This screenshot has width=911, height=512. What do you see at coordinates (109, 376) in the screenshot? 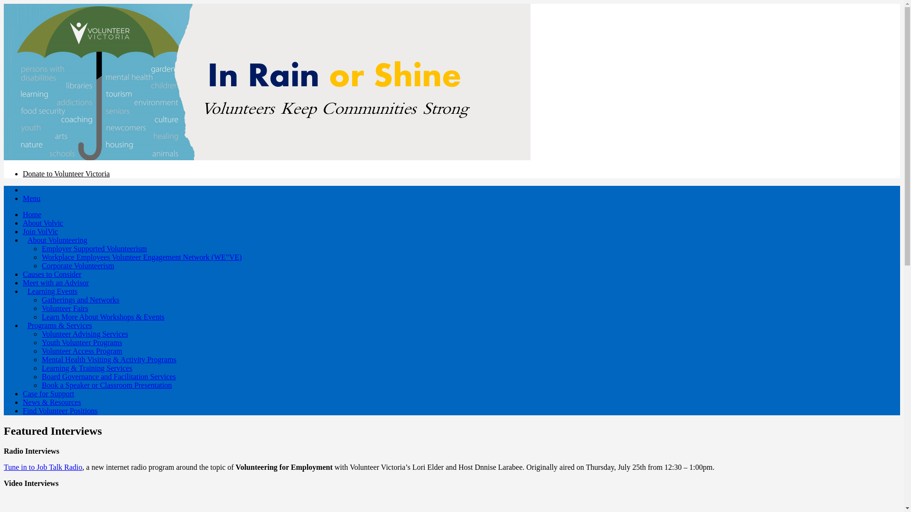
I see `'Board Governance and Facilitation Services'` at bounding box center [109, 376].